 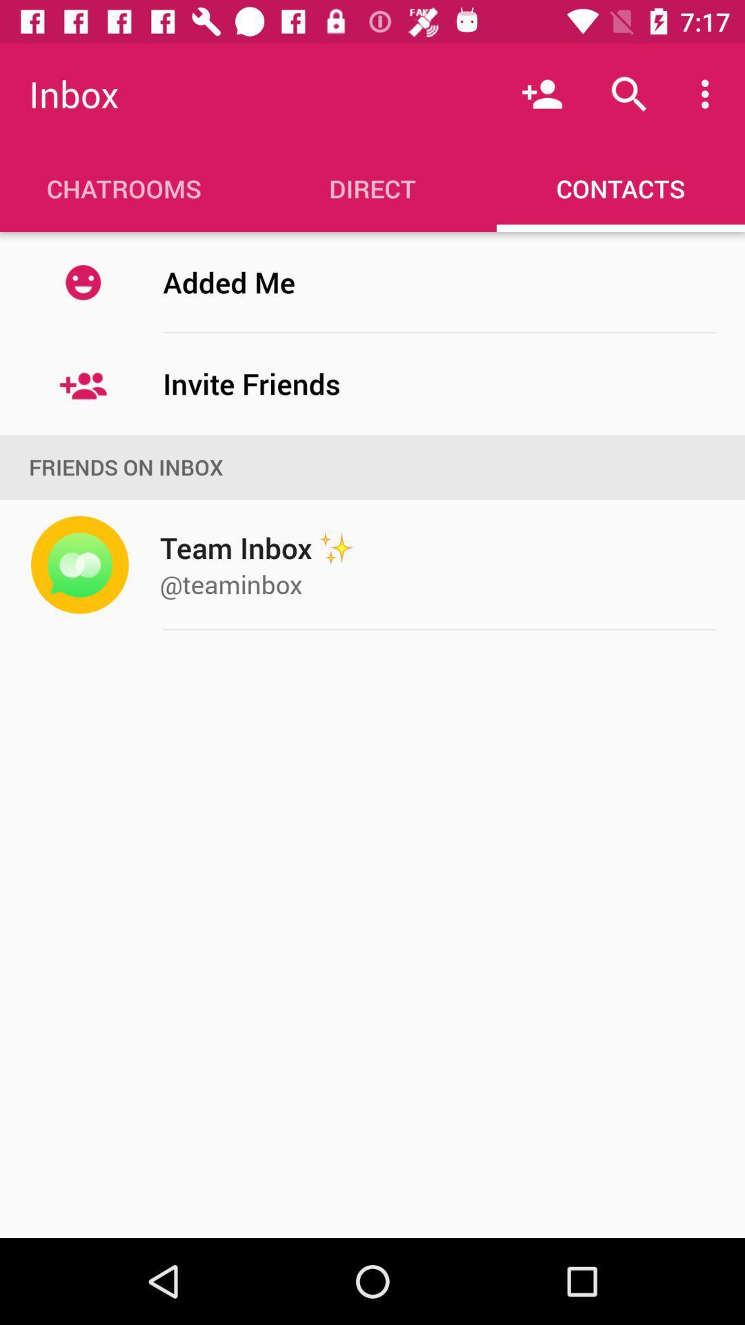 I want to click on the last button in the menu bar, so click(x=619, y=188).